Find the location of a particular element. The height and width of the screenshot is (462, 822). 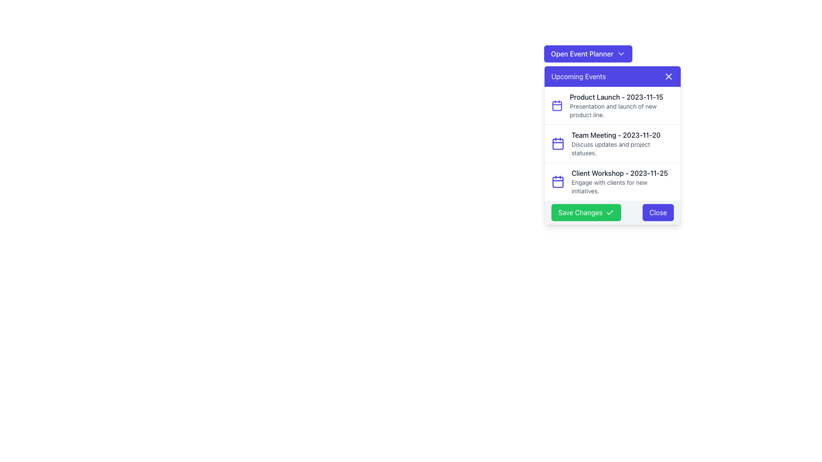

the Text Label that reads 'Presentation and launch of new product line.' located below the title 'Product Launch - 2023-11-15' in the 'Upcoming Events' section is located at coordinates (622, 110).